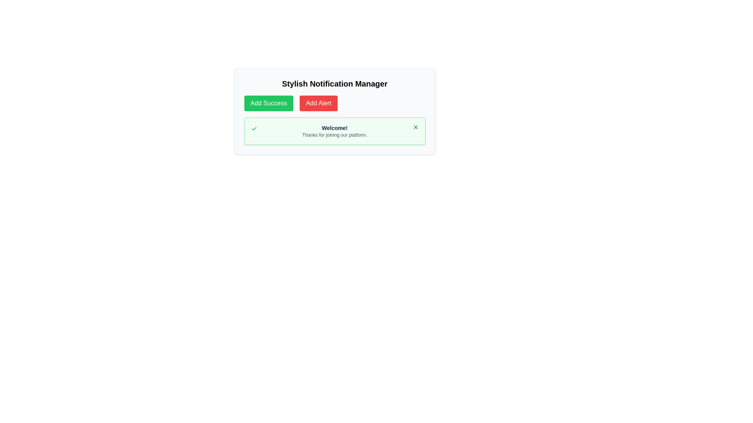  I want to click on the 'Add Success' button located below the 'Stylish Notification Manager' header to observe the hover effect, so click(269, 103).